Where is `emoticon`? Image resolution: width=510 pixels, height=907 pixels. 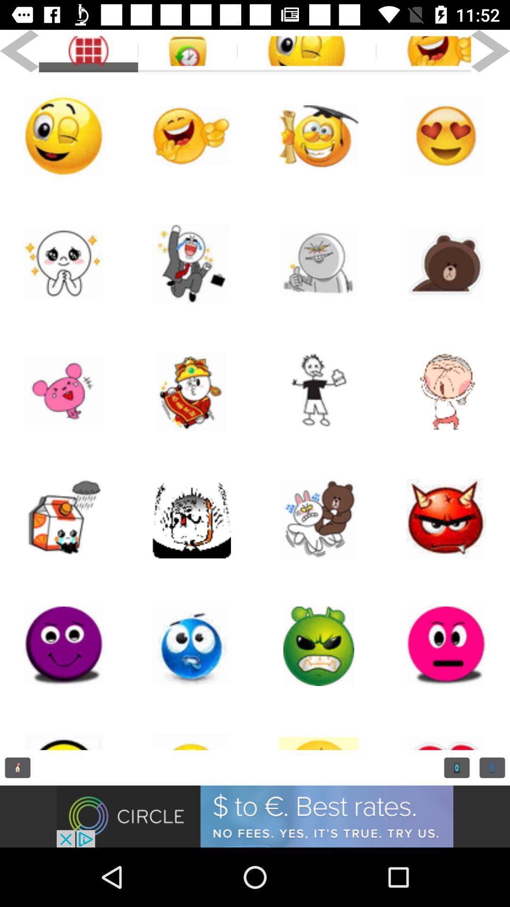 emoticon is located at coordinates (319, 729).